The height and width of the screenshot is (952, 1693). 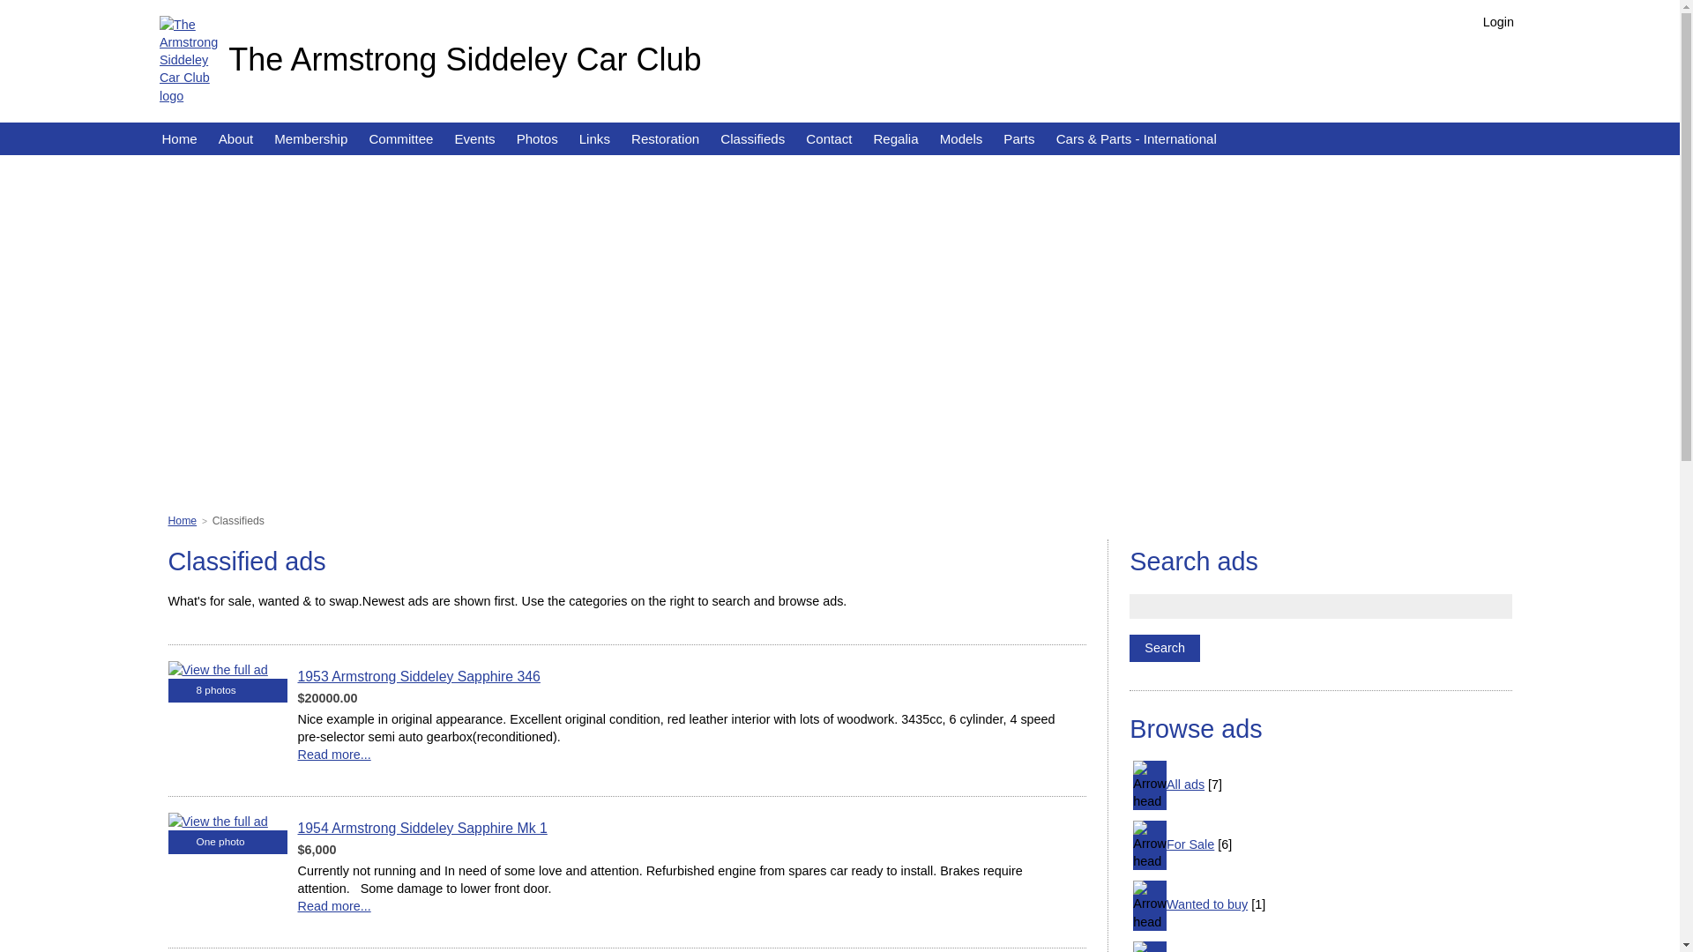 I want to click on 'Login', so click(x=1489, y=21).